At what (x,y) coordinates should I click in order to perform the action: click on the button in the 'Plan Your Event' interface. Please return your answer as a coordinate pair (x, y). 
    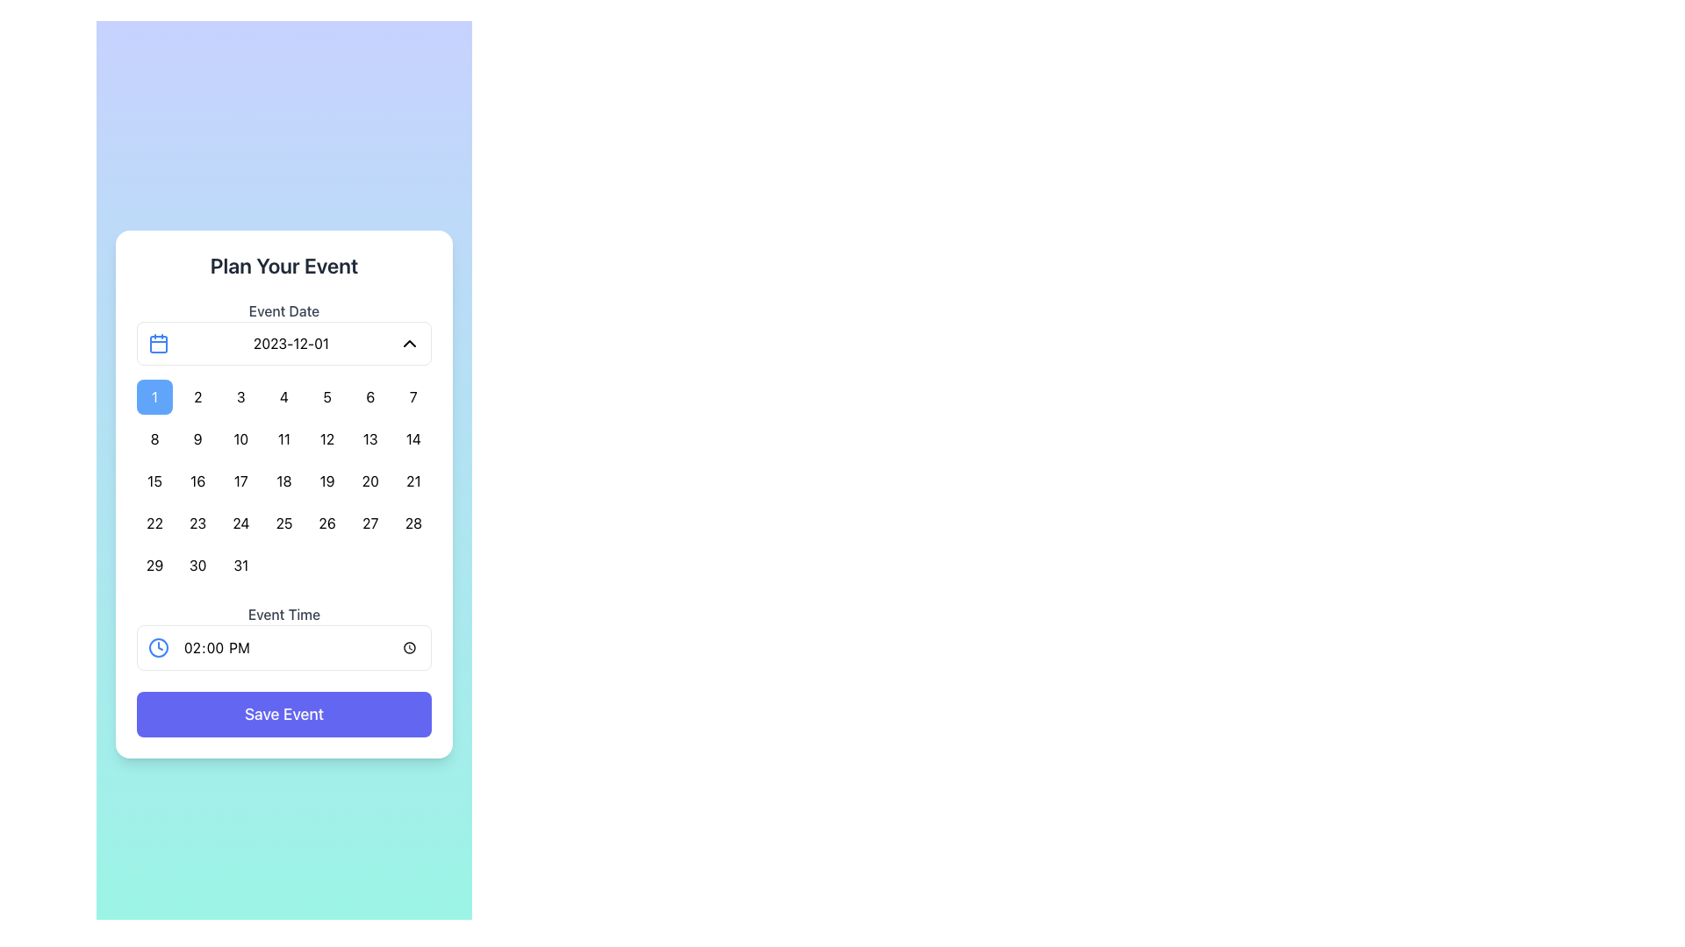
    Looking at the image, I should click on (197, 481).